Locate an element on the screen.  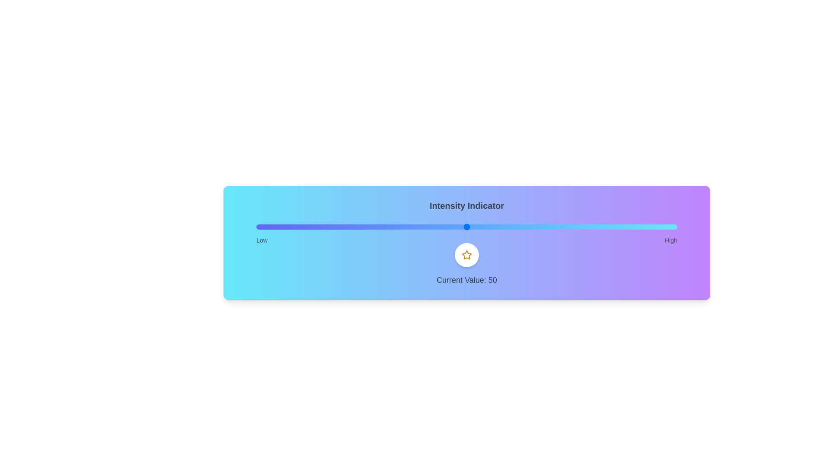
the slider to set the intensity to 85 is located at coordinates (613, 226).